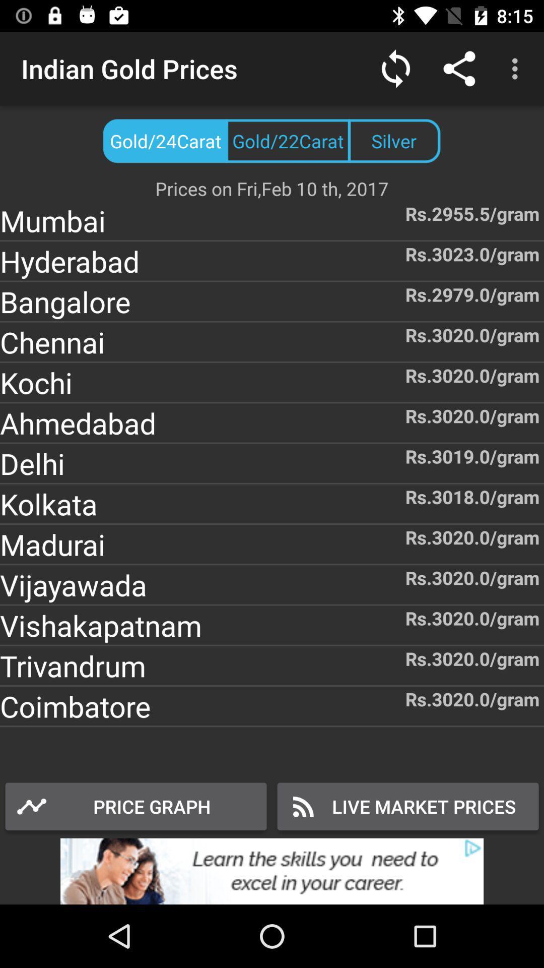  What do you see at coordinates (272, 871) in the screenshot?
I see `advertisement` at bounding box center [272, 871].